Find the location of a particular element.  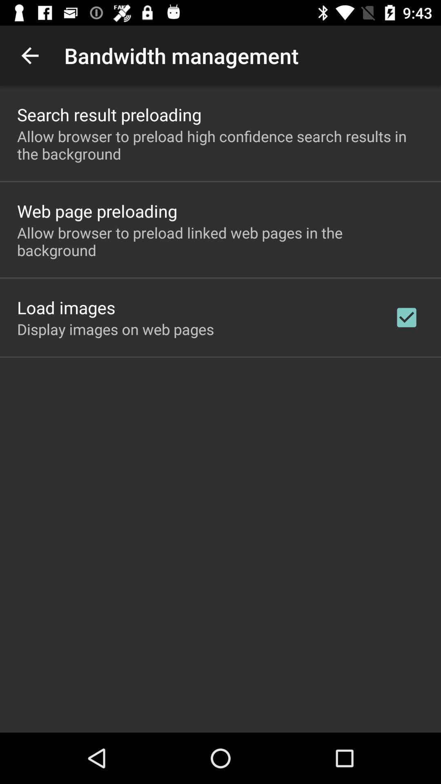

icon on the right is located at coordinates (406, 317).